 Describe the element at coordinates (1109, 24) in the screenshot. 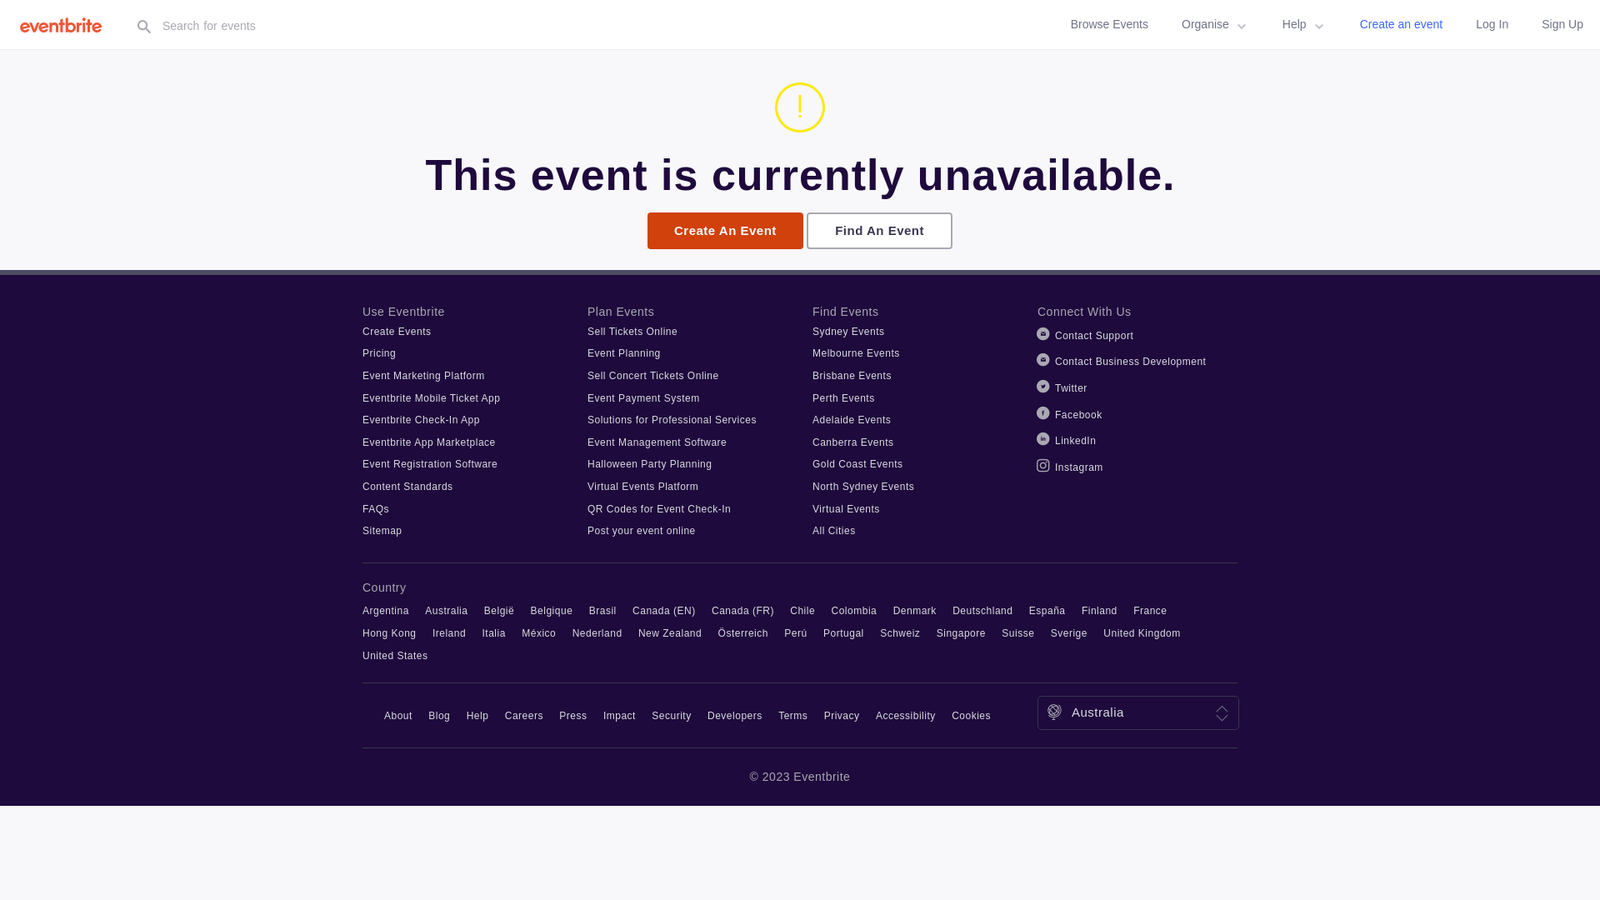

I see `'Browse Events'` at that location.